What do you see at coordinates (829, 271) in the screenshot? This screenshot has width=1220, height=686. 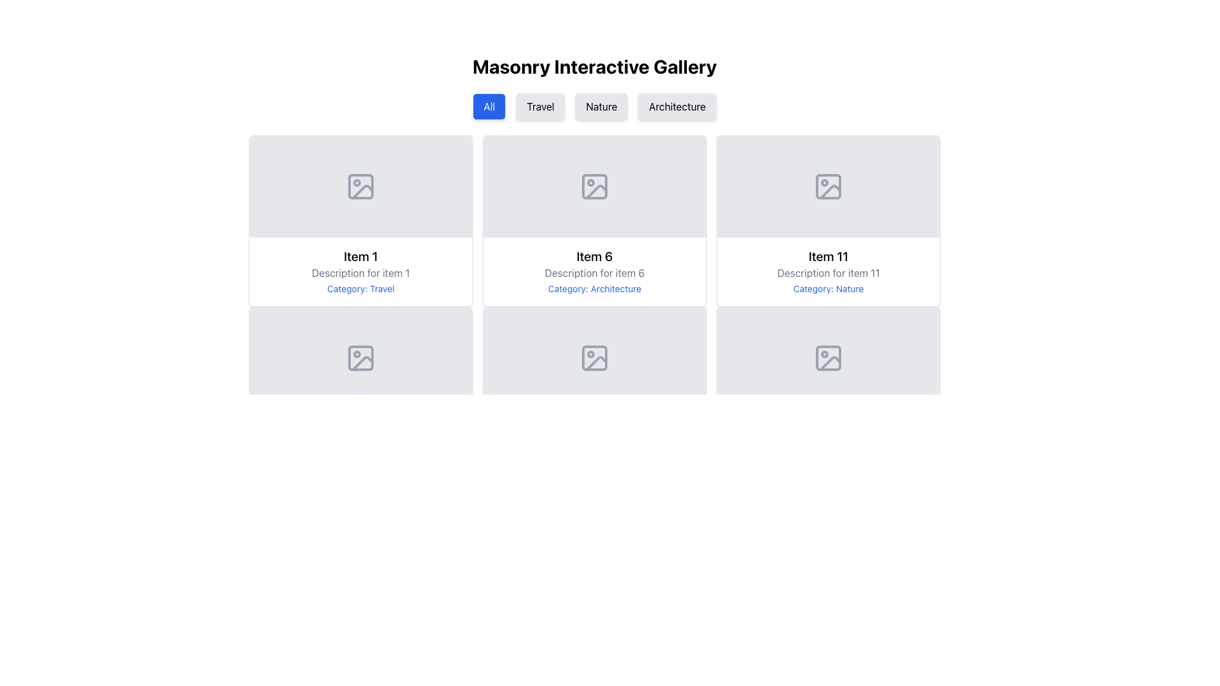 I see `text from the gallery item information displayed in the text block located at the bottom-right corner of the third card in the top row of the gallery grid layout` at bounding box center [829, 271].